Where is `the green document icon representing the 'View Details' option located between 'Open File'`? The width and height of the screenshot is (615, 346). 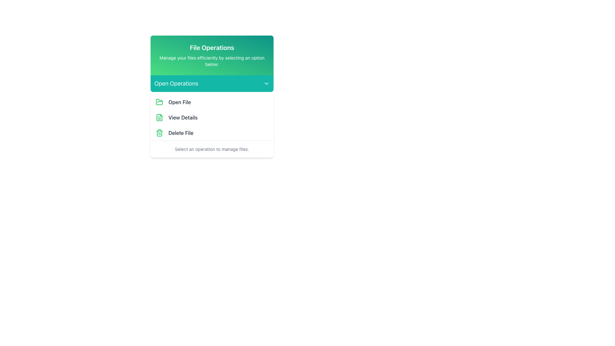
the green document icon representing the 'View Details' option located between 'Open File' is located at coordinates (160, 117).